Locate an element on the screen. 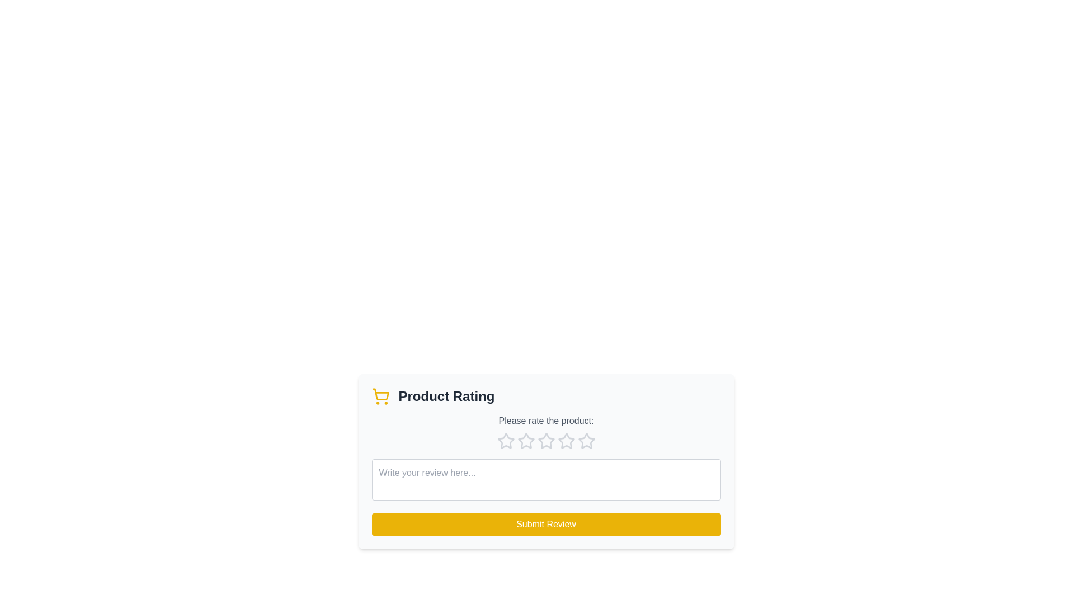 Image resolution: width=1074 pixels, height=604 pixels. the first rating star icon is located at coordinates (505, 440).